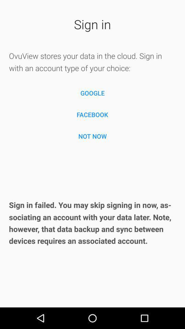 This screenshot has width=185, height=329. Describe the element at coordinates (92, 93) in the screenshot. I see `the icon below the ovuview stores your icon` at that location.